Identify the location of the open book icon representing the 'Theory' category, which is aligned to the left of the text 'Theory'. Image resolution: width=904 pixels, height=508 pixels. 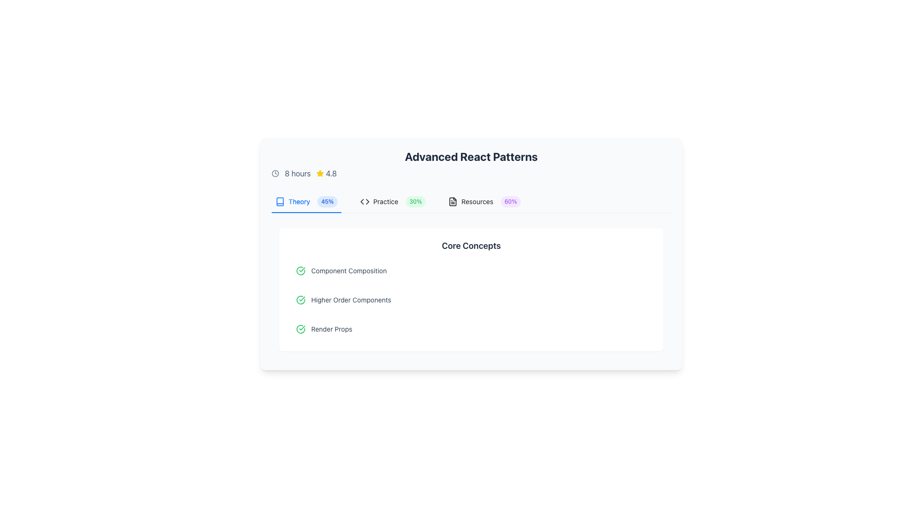
(280, 201).